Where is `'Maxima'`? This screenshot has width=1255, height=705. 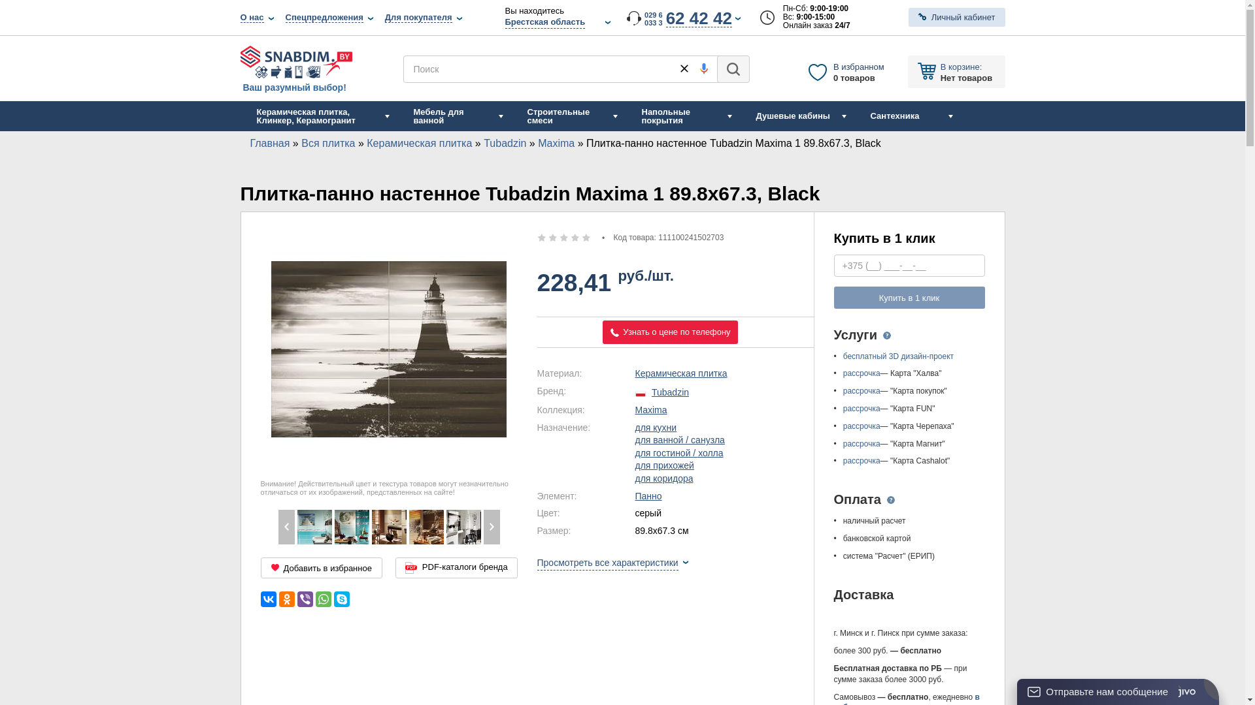
'Maxima' is located at coordinates (463, 526).